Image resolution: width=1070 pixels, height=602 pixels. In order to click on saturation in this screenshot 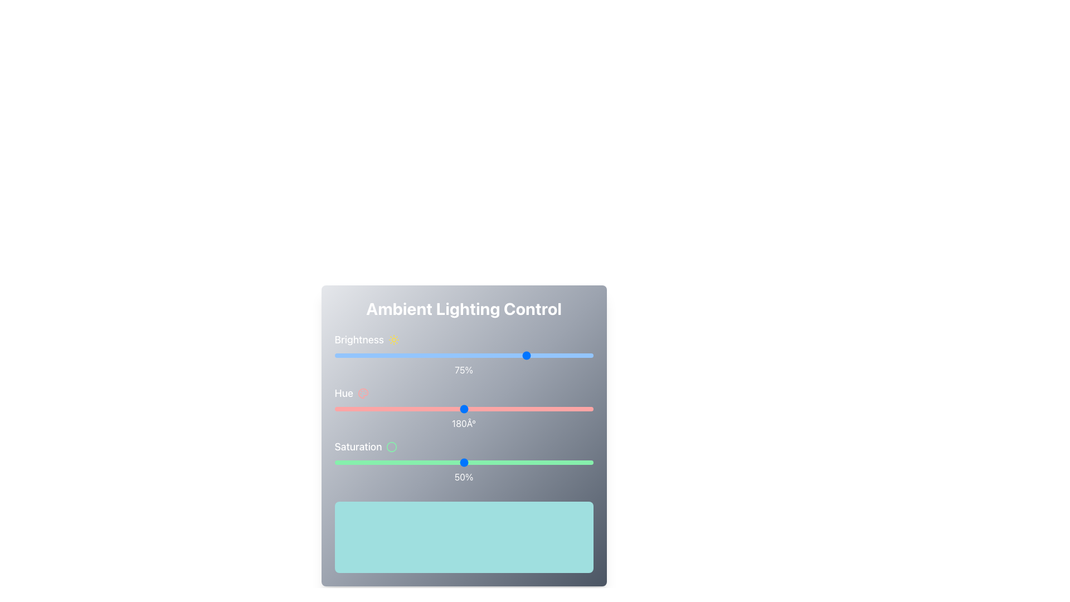, I will do `click(577, 462)`.